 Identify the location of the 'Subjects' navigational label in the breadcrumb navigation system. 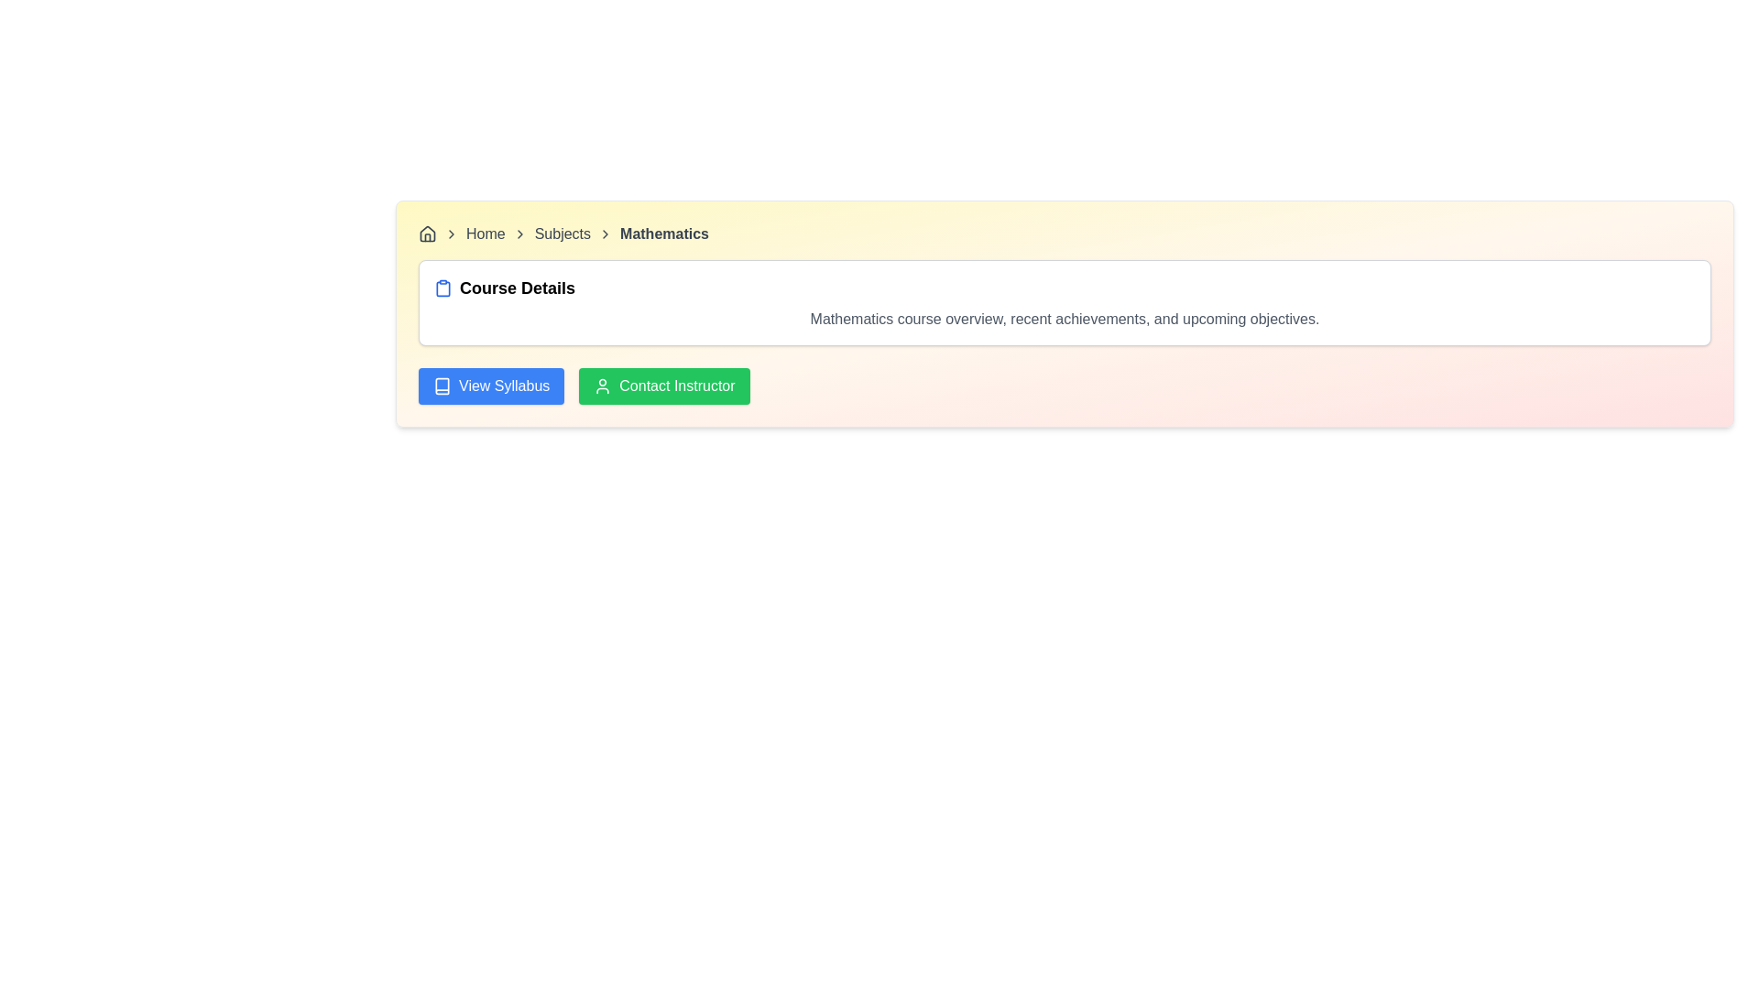
(562, 233).